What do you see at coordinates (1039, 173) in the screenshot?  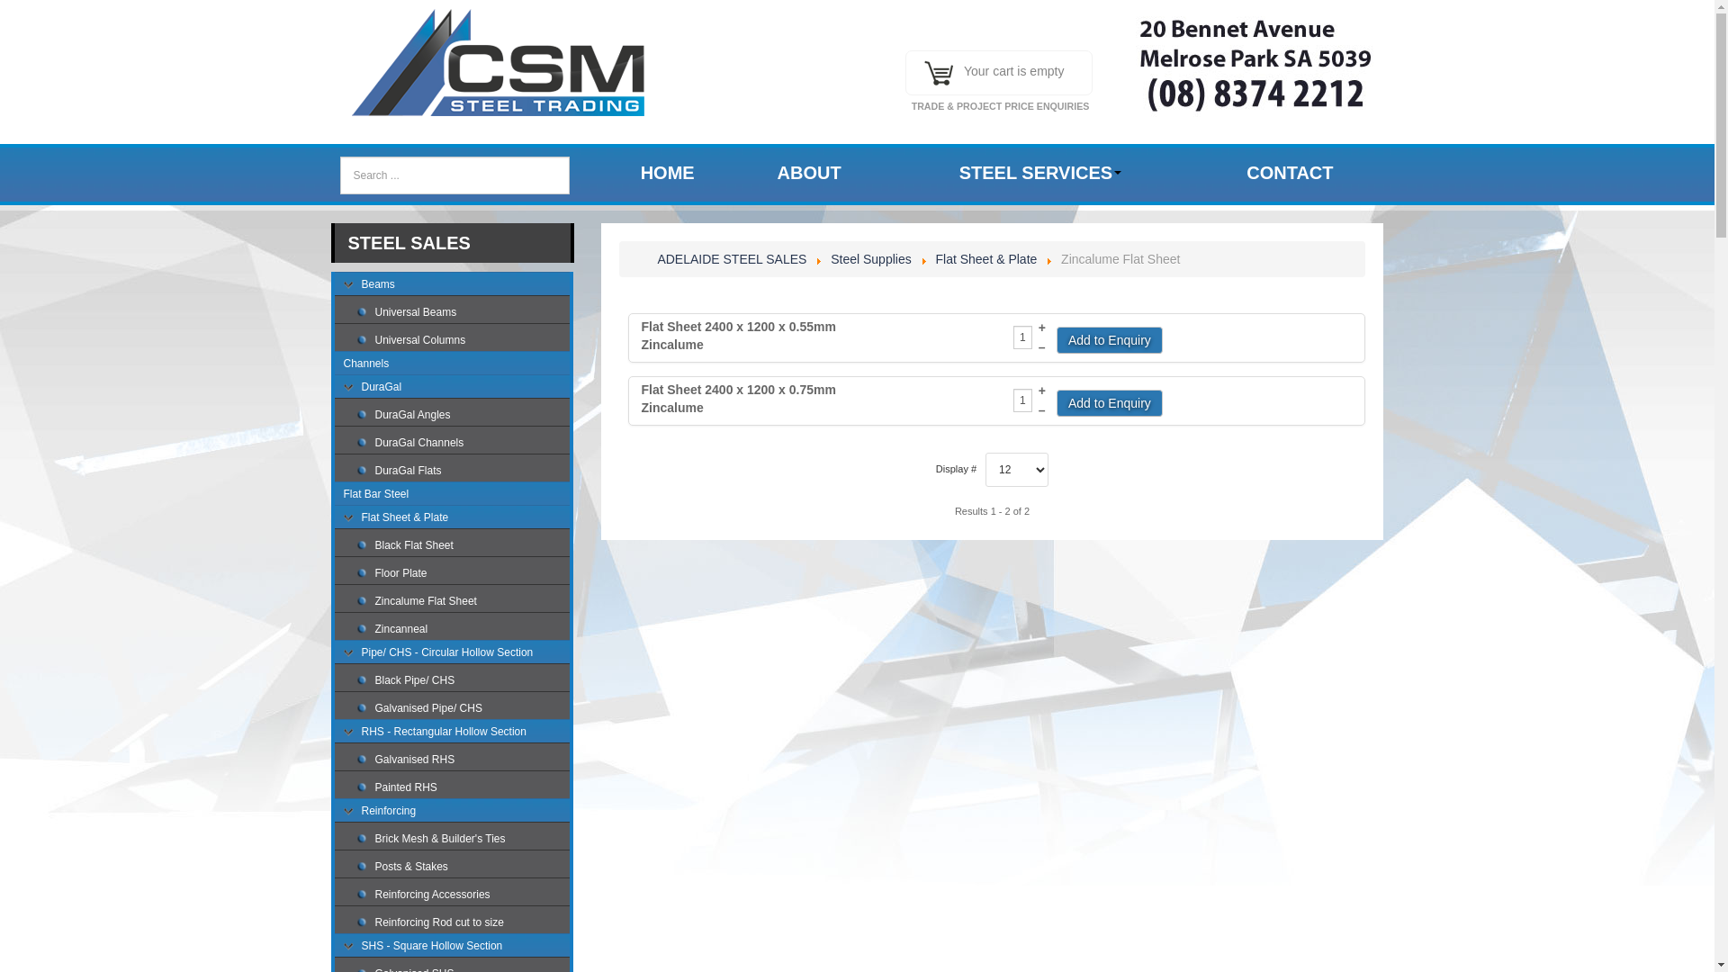 I see `'STEEL SERVICES'` at bounding box center [1039, 173].